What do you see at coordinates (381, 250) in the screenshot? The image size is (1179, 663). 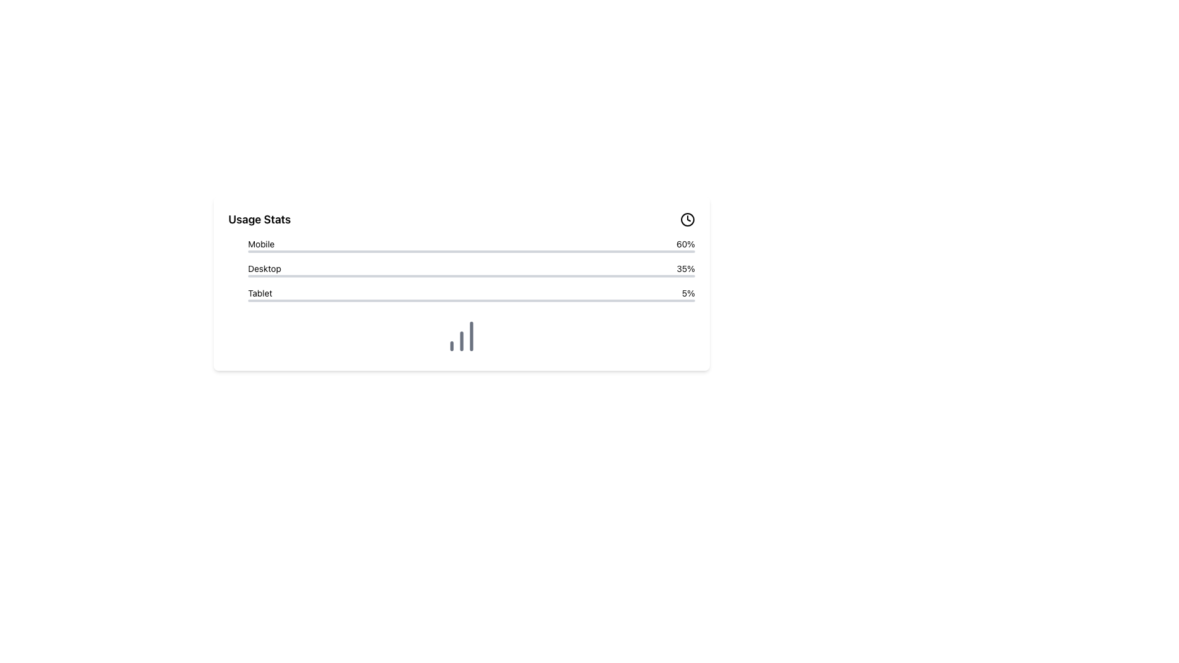 I see `the Progress Bar indicating 'Mobile' usage, which is a gray rectangular bar at the top of the panel displaying usage statistics` at bounding box center [381, 250].